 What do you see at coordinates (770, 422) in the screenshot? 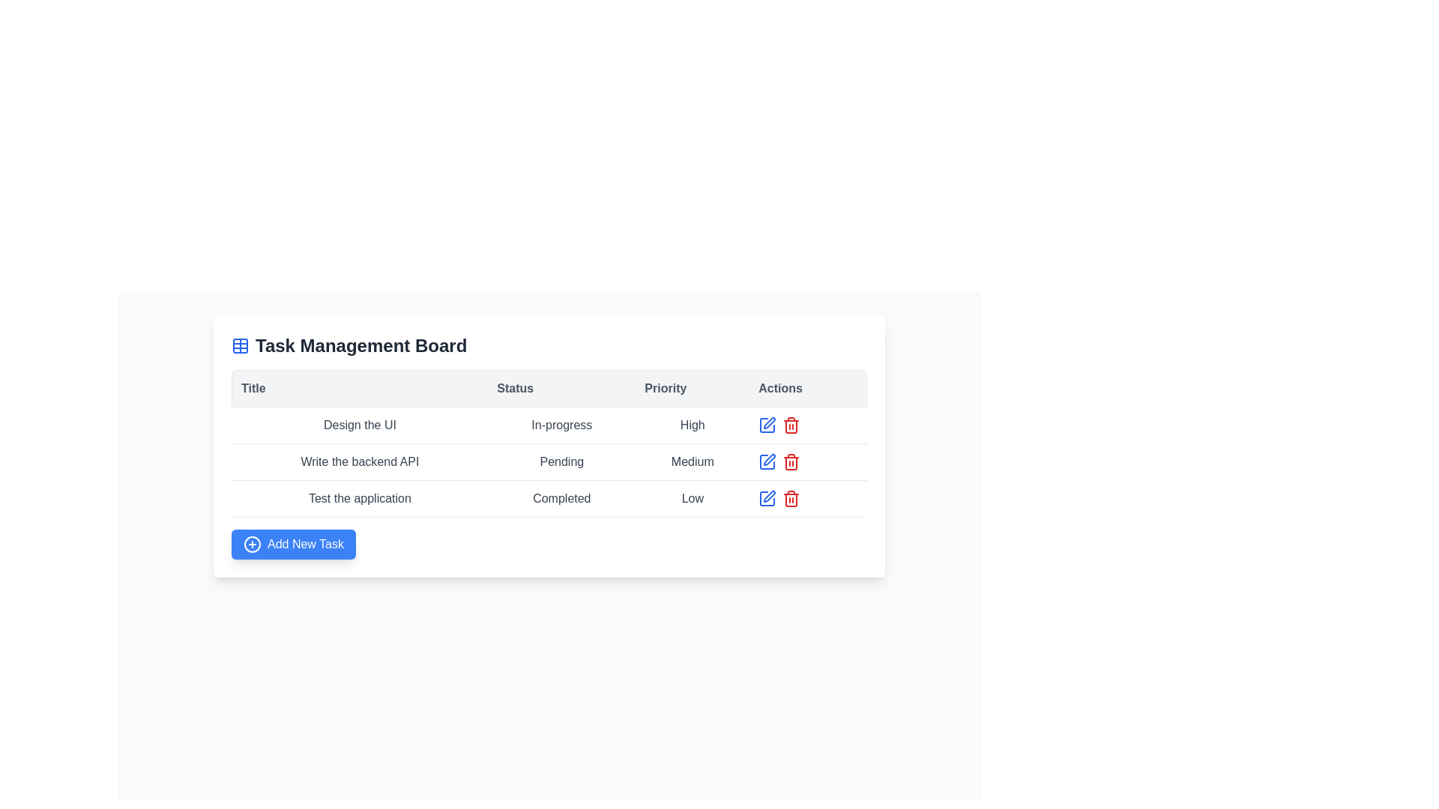
I see `the edit button located in the 'Actions' column for the task labeled 'Write the backend API'` at bounding box center [770, 422].